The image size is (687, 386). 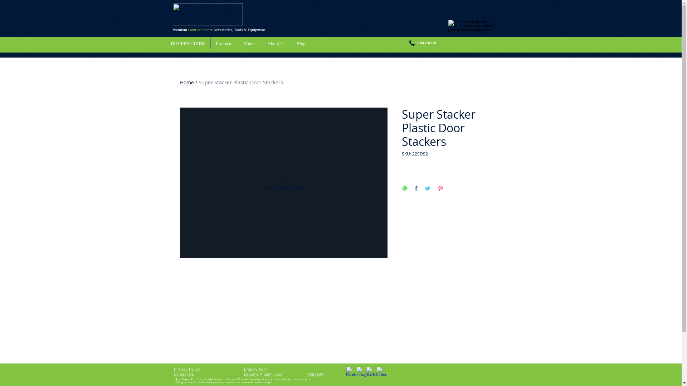 I want to click on 'Home', so click(x=186, y=82).